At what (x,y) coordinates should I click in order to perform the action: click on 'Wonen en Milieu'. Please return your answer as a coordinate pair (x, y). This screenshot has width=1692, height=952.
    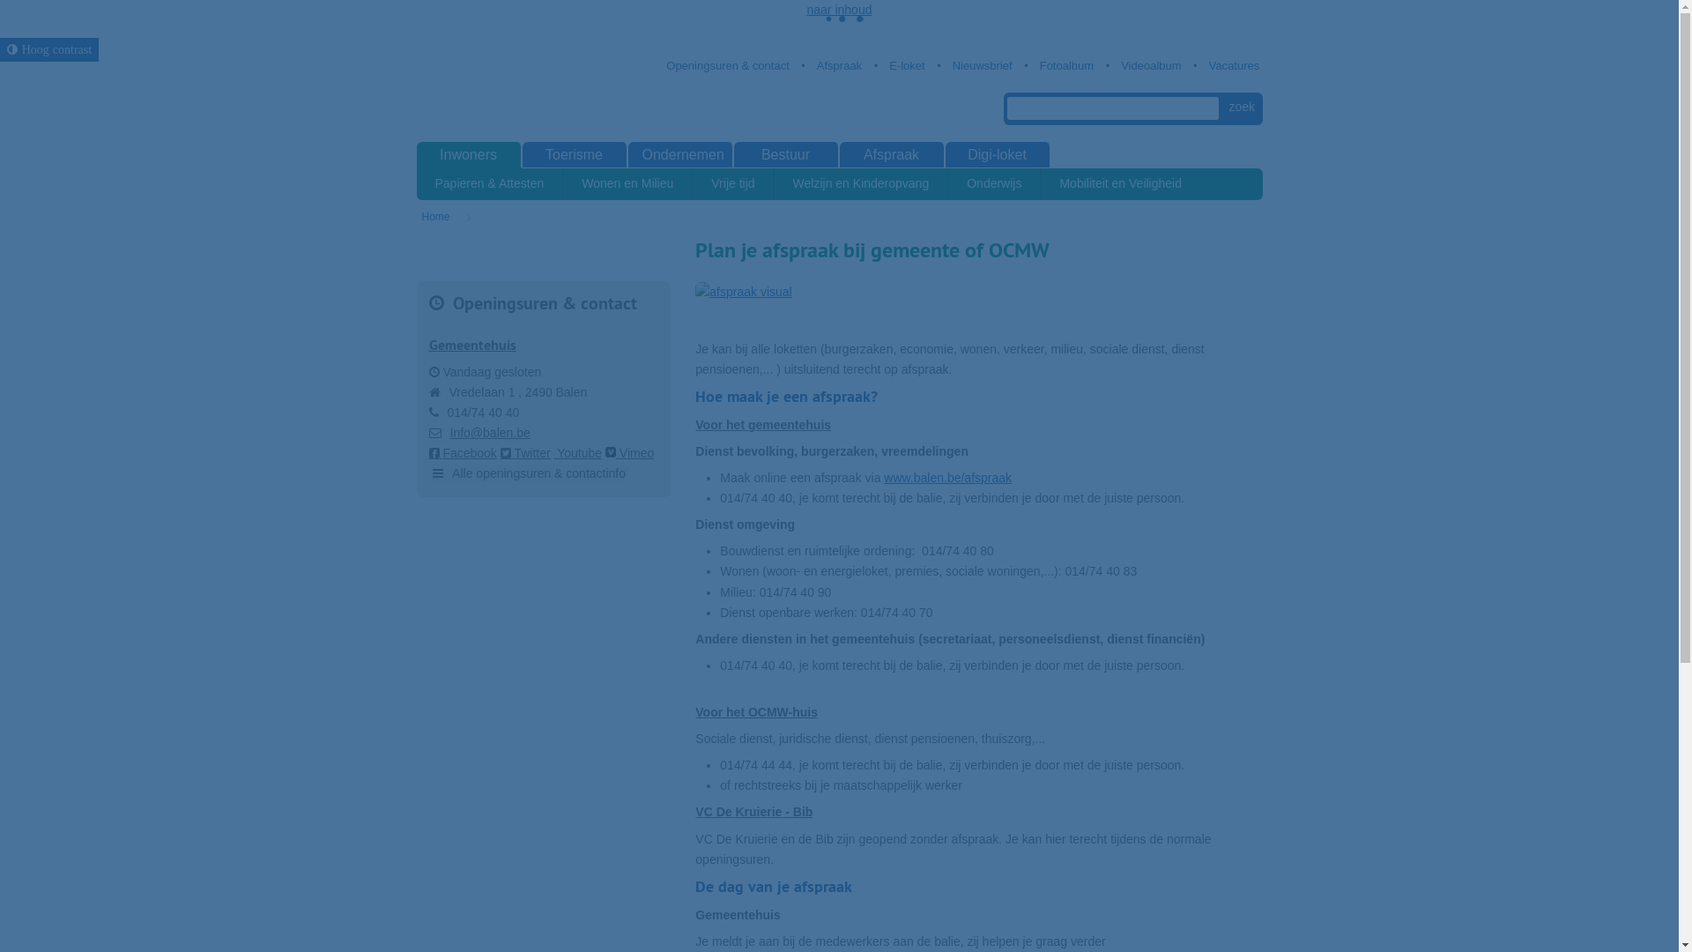
    Looking at the image, I should click on (561, 183).